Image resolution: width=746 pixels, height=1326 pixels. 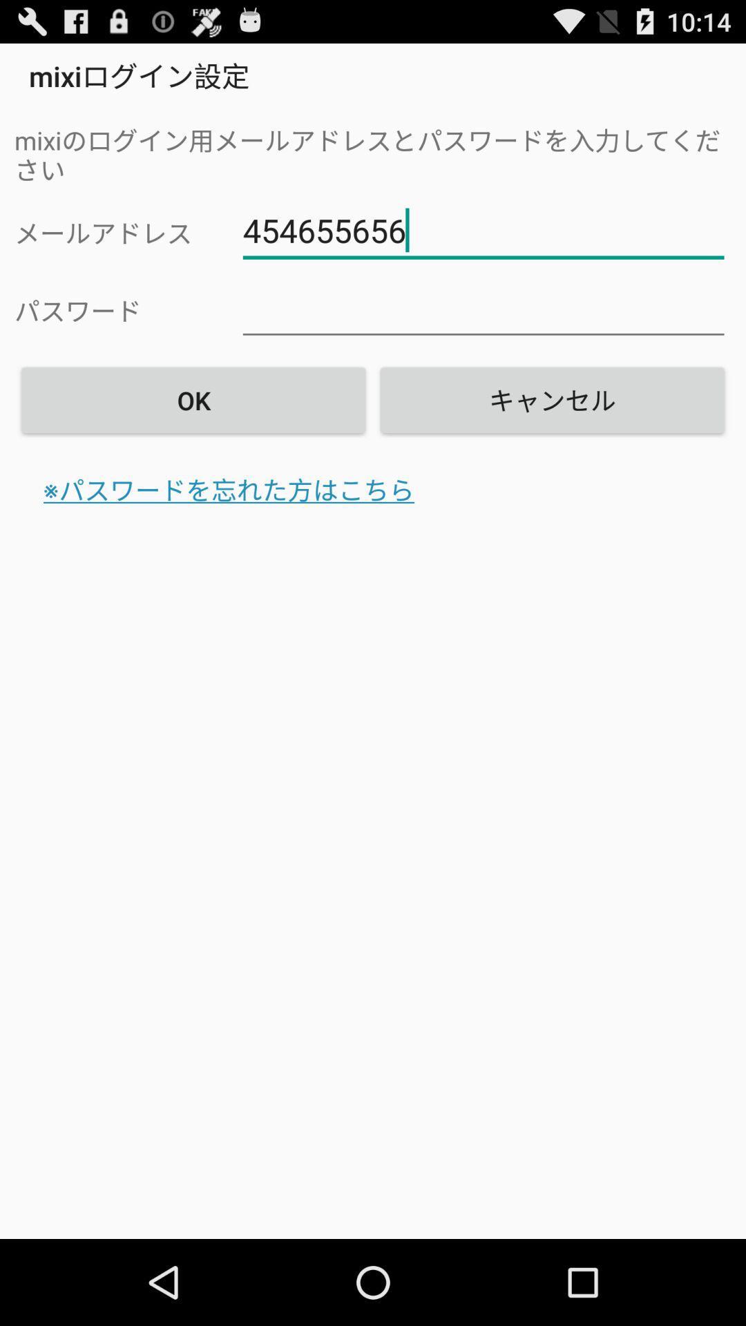 What do you see at coordinates (483, 307) in the screenshot?
I see `item above the ok item` at bounding box center [483, 307].